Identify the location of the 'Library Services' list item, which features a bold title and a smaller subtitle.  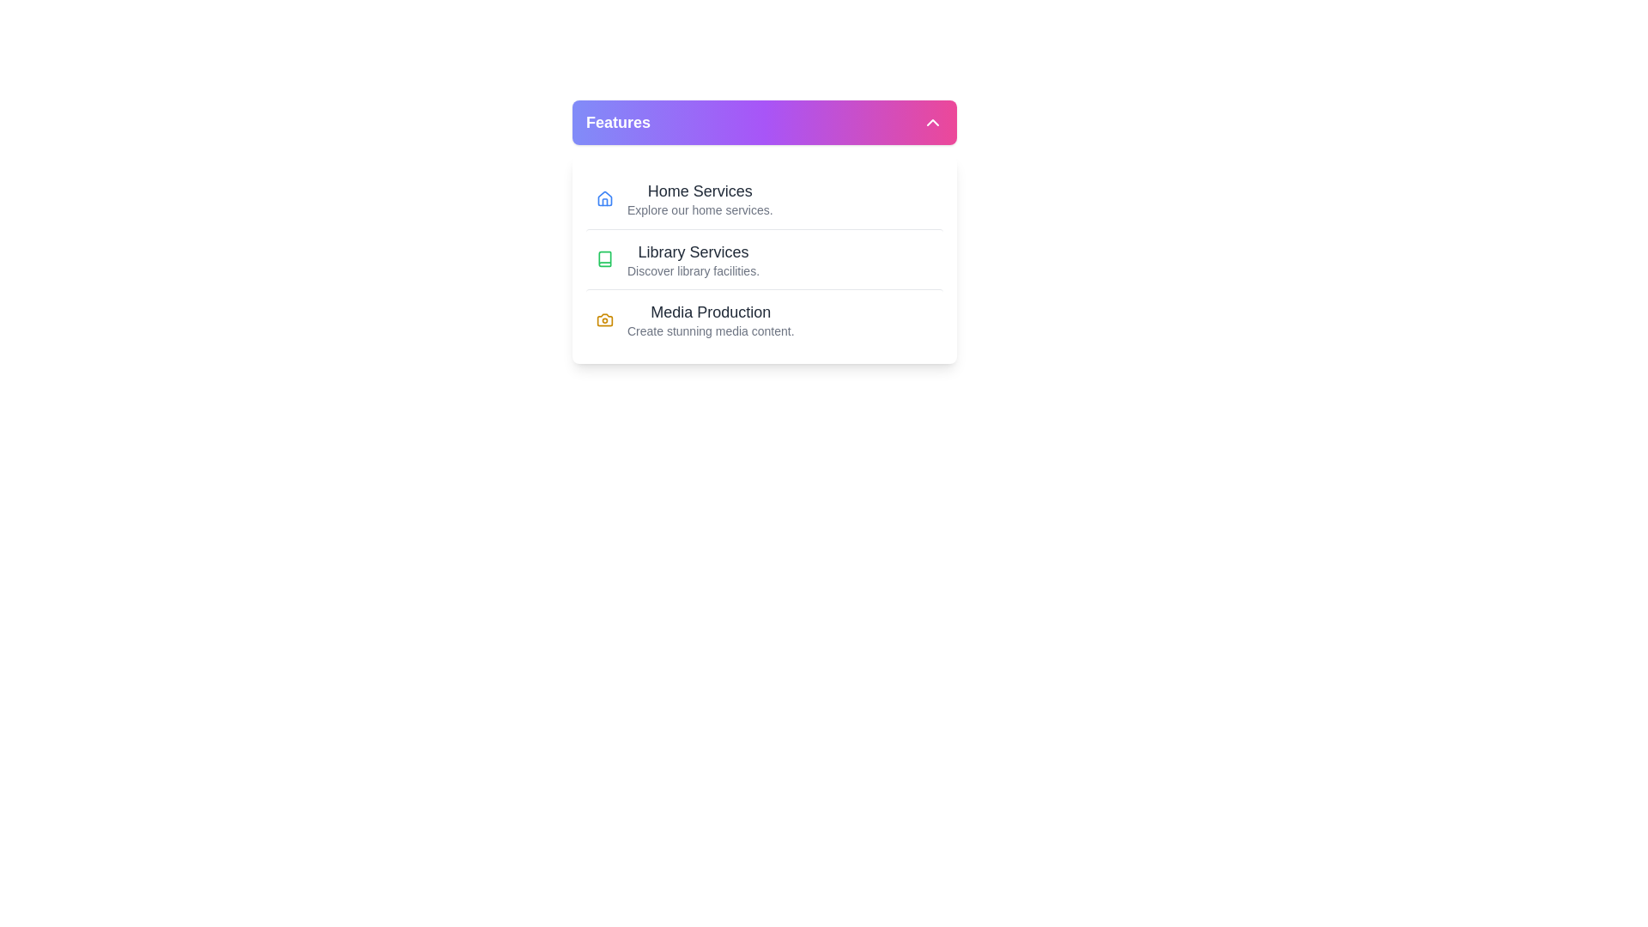
(693, 259).